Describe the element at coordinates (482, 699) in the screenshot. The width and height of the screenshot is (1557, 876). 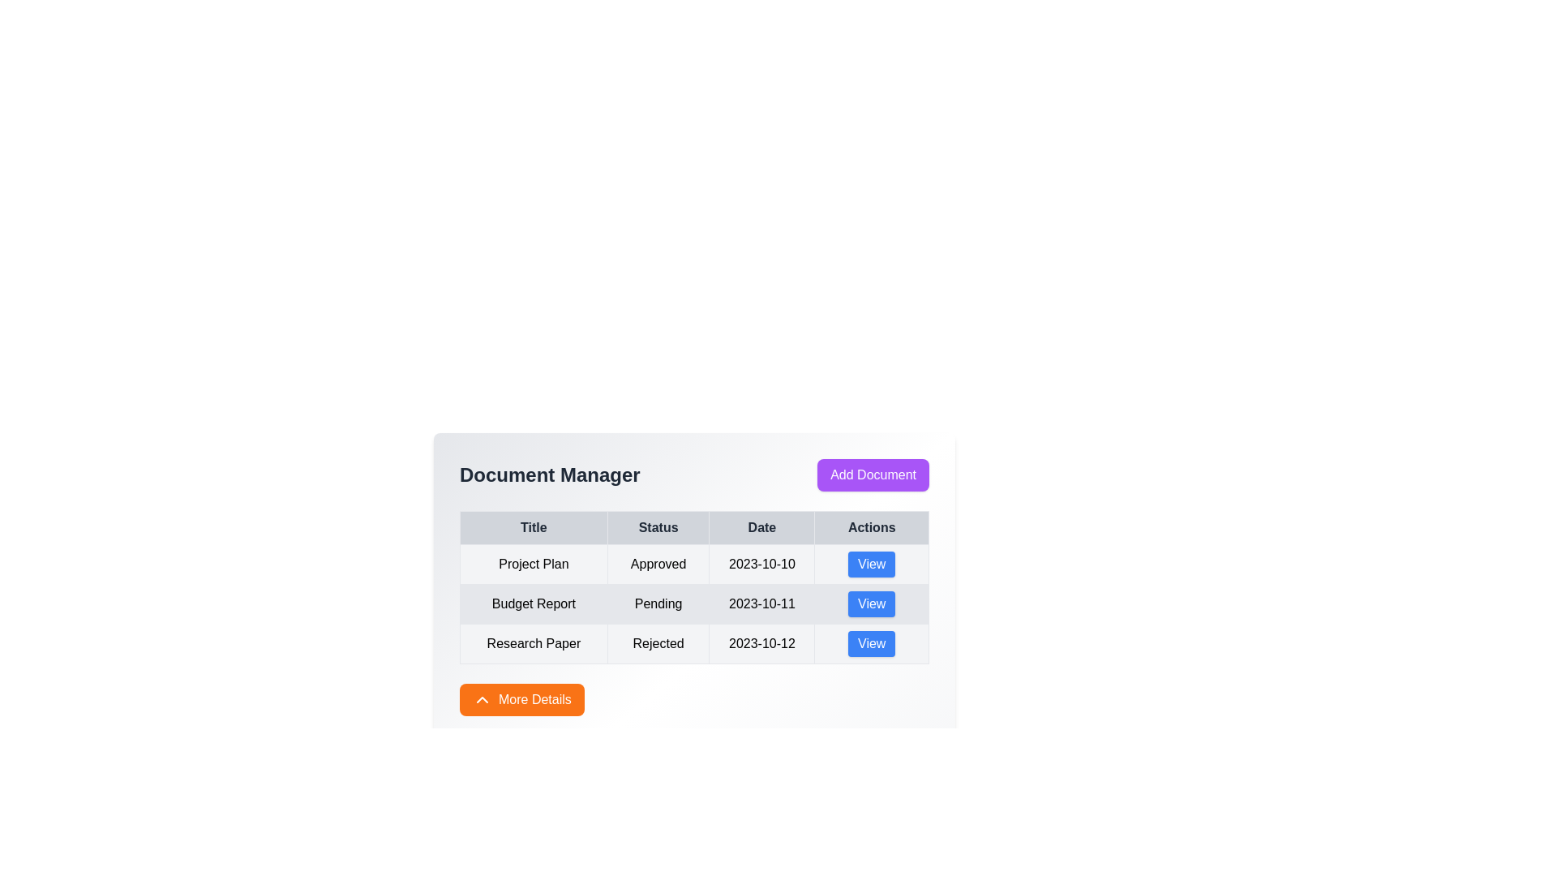
I see `the upward chevron icon on the left side of the 'More Details' orange button, positioned below the 'Document Manager' data table` at that location.